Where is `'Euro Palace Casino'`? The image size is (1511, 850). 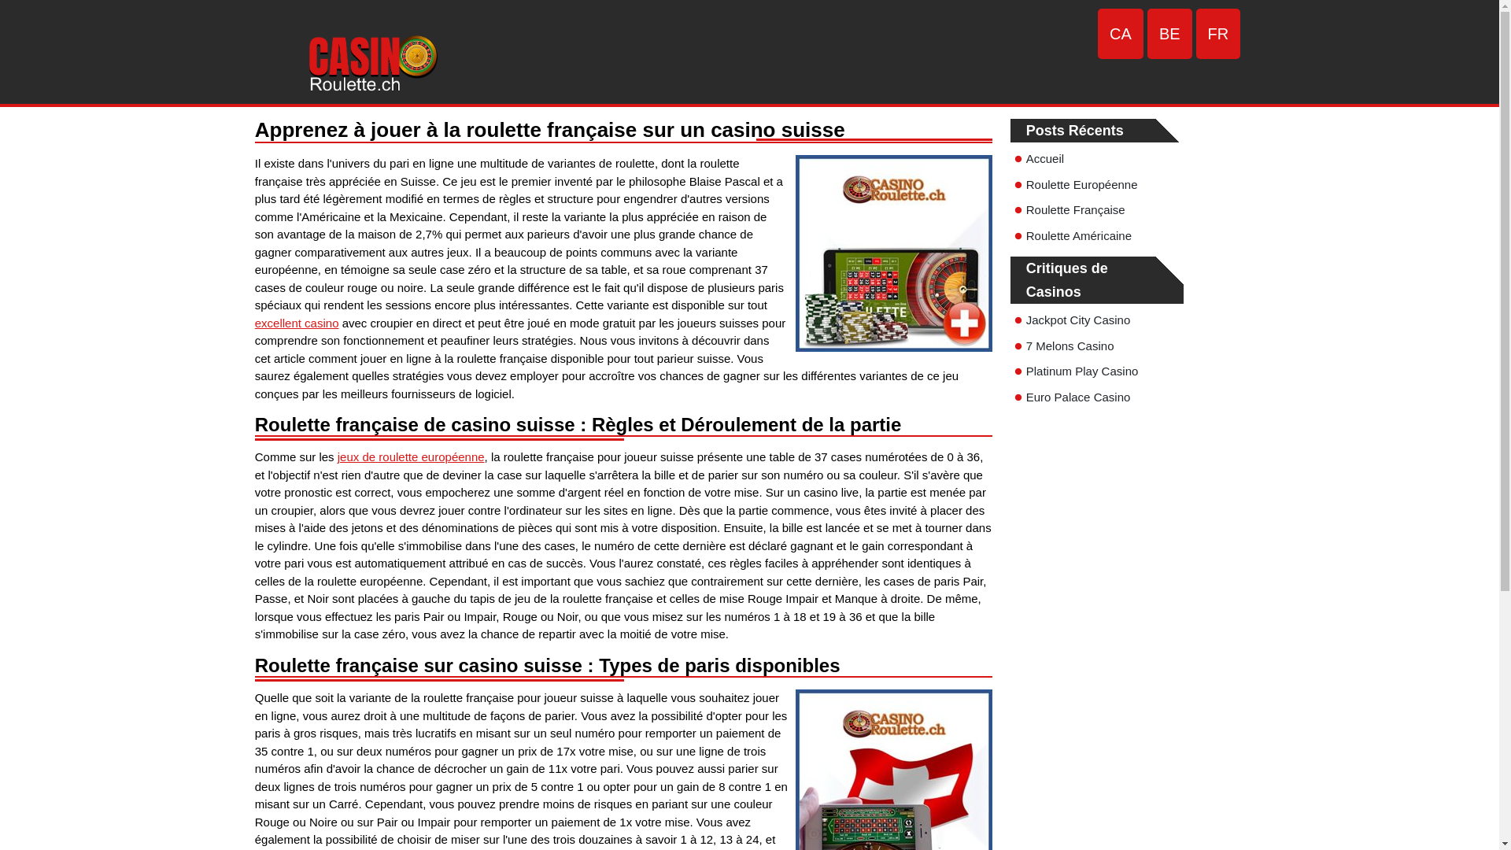
'Euro Palace Casino' is located at coordinates (1077, 396).